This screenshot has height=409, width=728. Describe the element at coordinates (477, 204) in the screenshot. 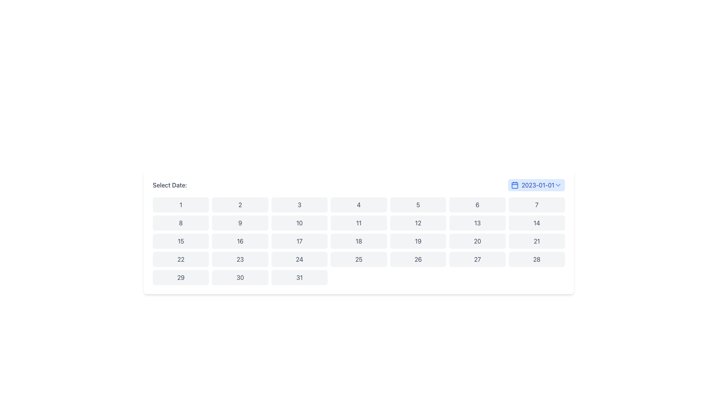

I see `the button representing the sixth day of the month in the date picker interface` at that location.